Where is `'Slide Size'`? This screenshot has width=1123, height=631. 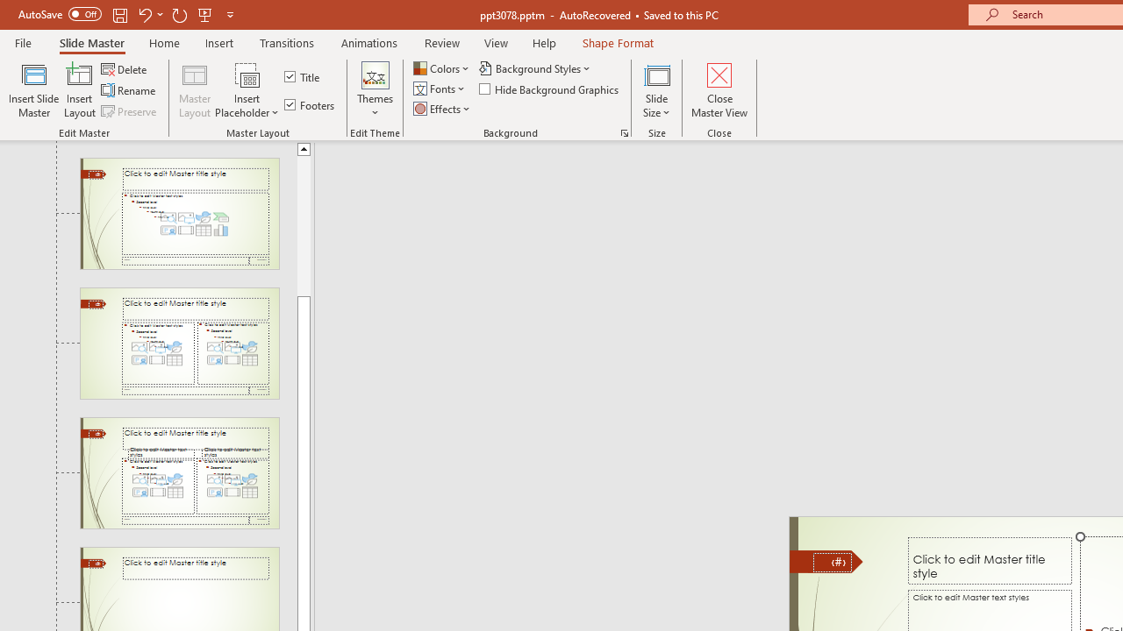 'Slide Size' is located at coordinates (656, 90).